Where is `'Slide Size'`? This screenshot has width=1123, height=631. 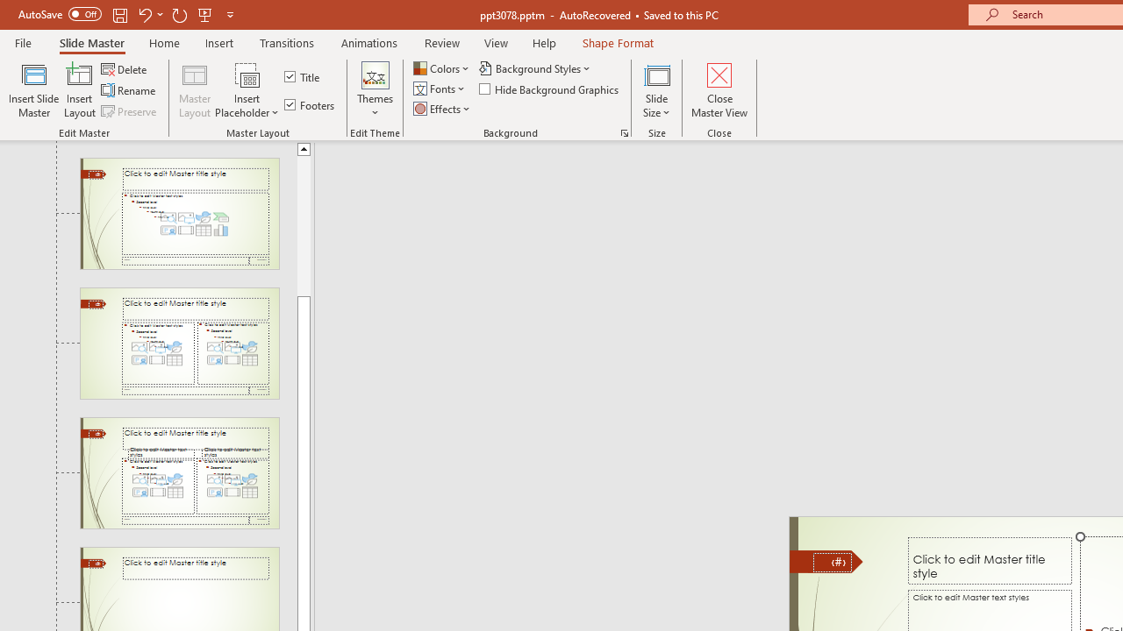 'Slide Size' is located at coordinates (656, 90).